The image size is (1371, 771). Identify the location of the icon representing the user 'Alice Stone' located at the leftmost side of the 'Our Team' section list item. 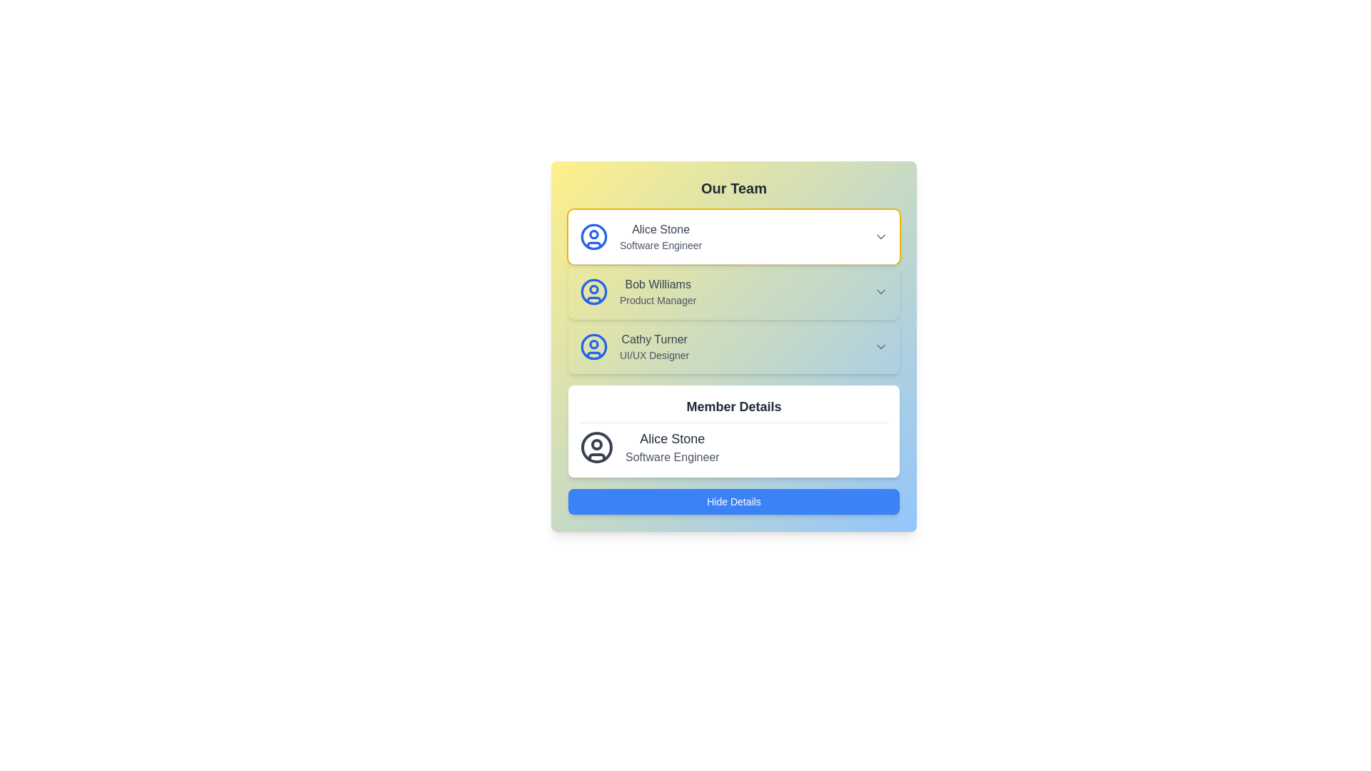
(593, 236).